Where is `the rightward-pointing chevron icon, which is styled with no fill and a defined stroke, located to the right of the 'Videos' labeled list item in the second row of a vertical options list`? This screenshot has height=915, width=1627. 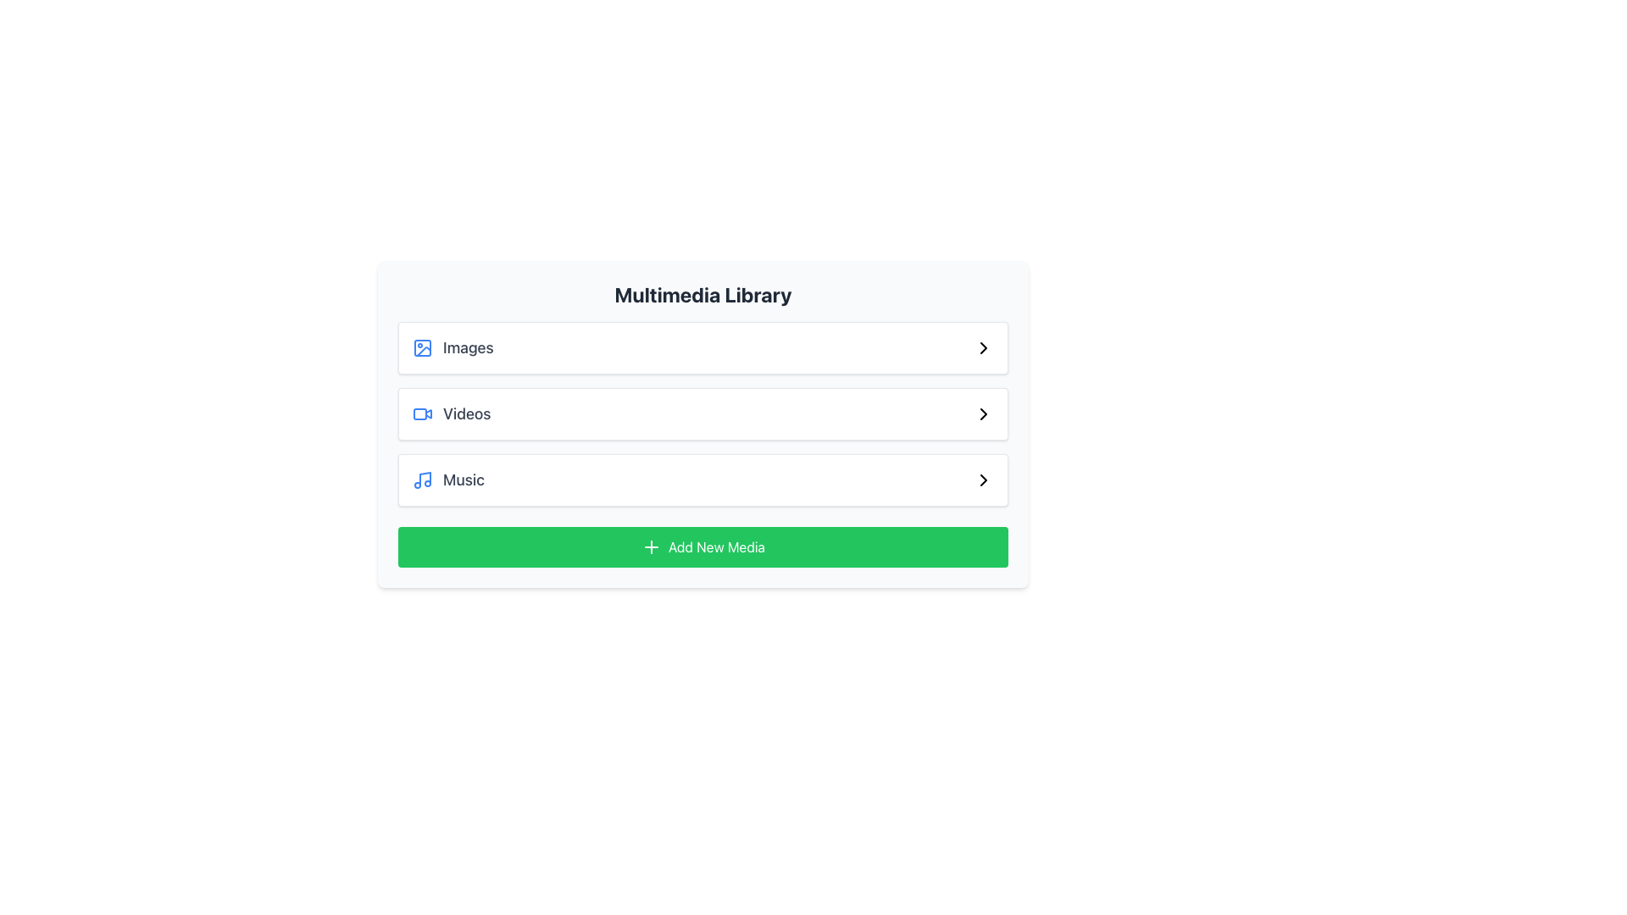 the rightward-pointing chevron icon, which is styled with no fill and a defined stroke, located to the right of the 'Videos' labeled list item in the second row of a vertical options list is located at coordinates (984, 414).